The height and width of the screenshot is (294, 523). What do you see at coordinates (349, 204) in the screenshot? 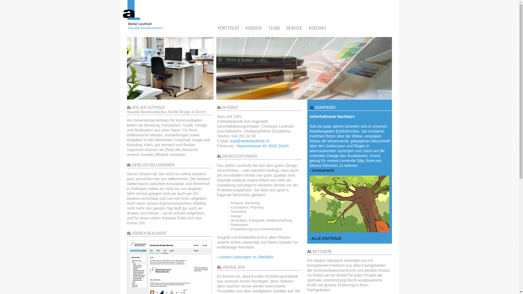
I see `'Aktuell vom Atelier Leuthold Unterhaltsame Nachbarn'` at bounding box center [349, 204].